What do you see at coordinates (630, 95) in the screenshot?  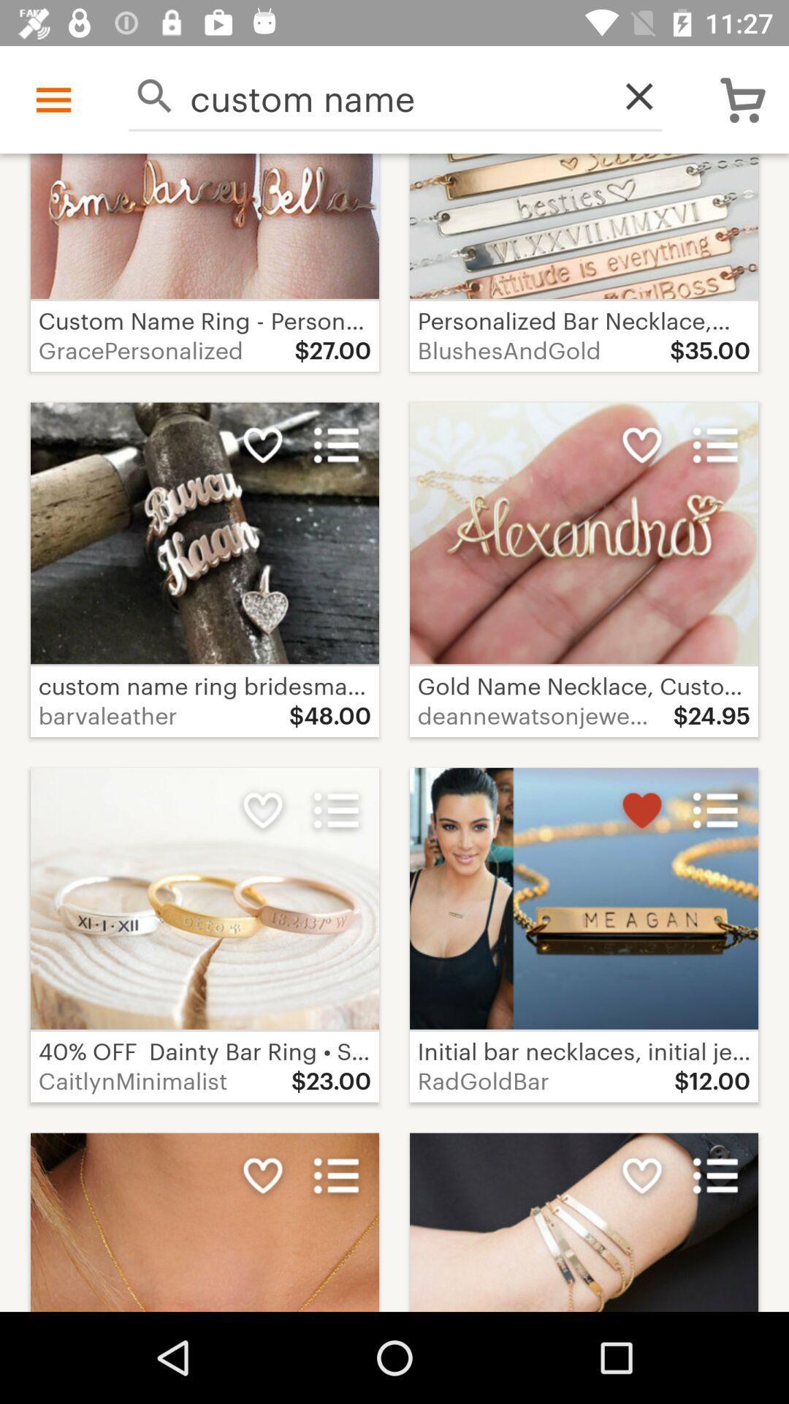 I see `the icon to the right of custom name` at bounding box center [630, 95].